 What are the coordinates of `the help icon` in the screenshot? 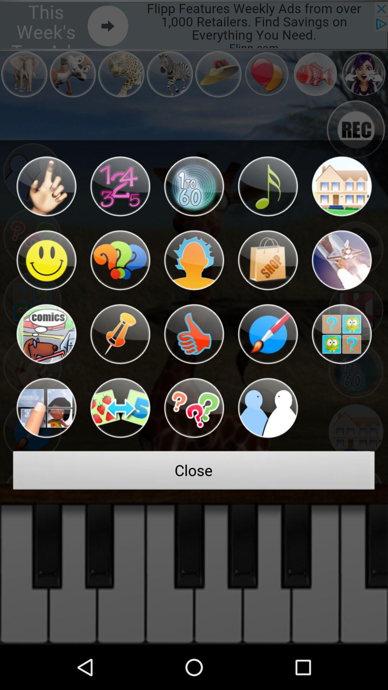 It's located at (194, 436).